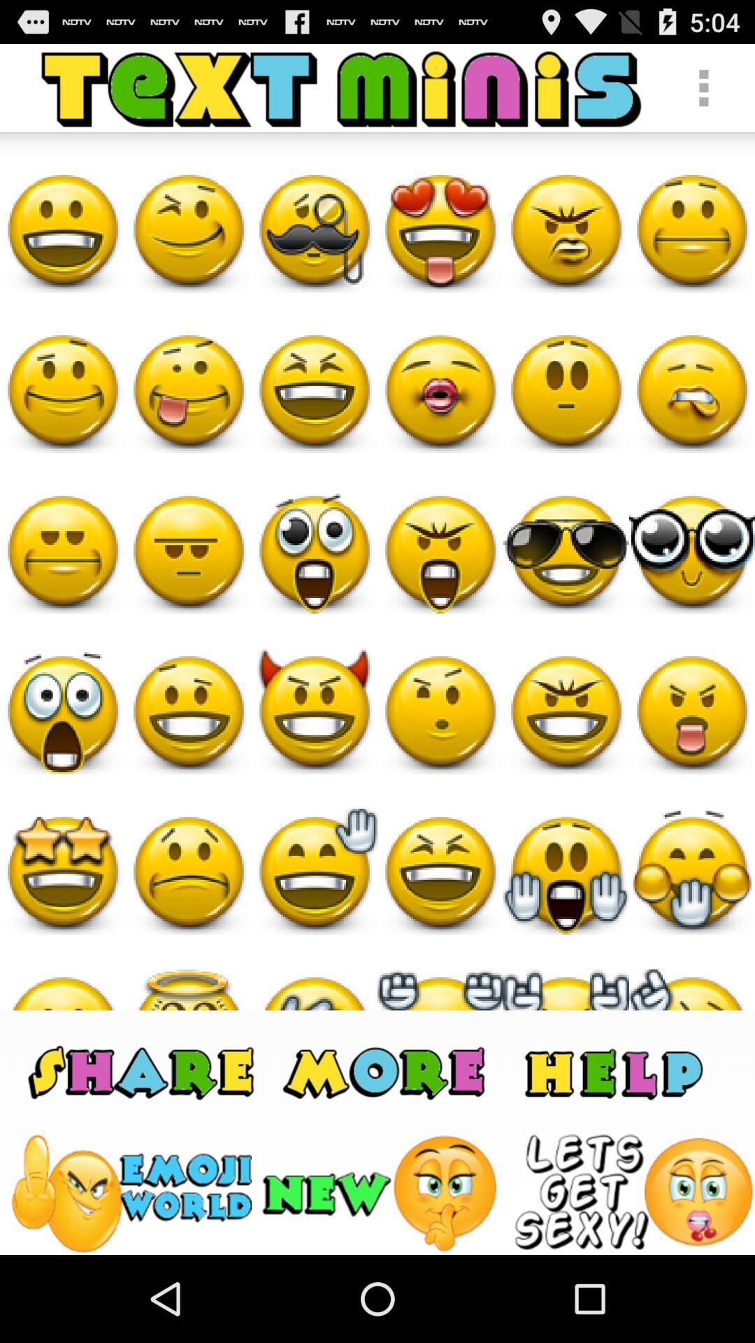  Describe the element at coordinates (382, 1193) in the screenshot. I see `something new feature` at that location.